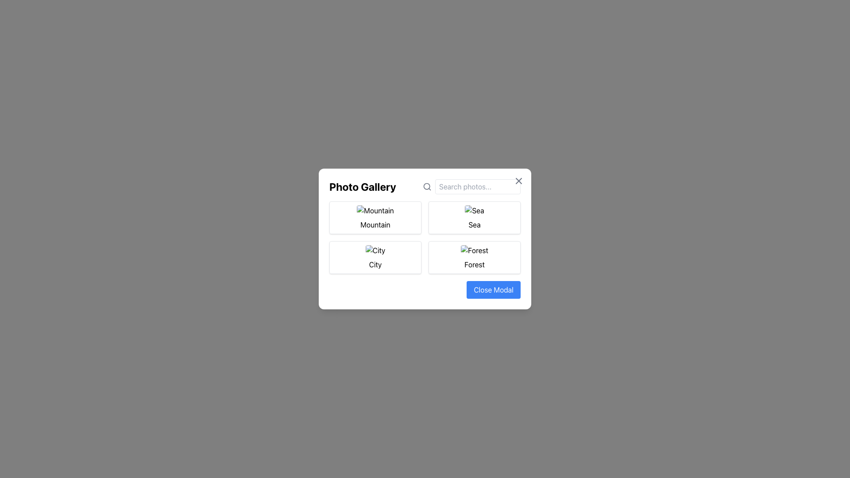  What do you see at coordinates (427, 186) in the screenshot?
I see `the circular element that resembles a magnifying glass's lens, which is part of the search icon located next to the input field in the header area of a modal window` at bounding box center [427, 186].